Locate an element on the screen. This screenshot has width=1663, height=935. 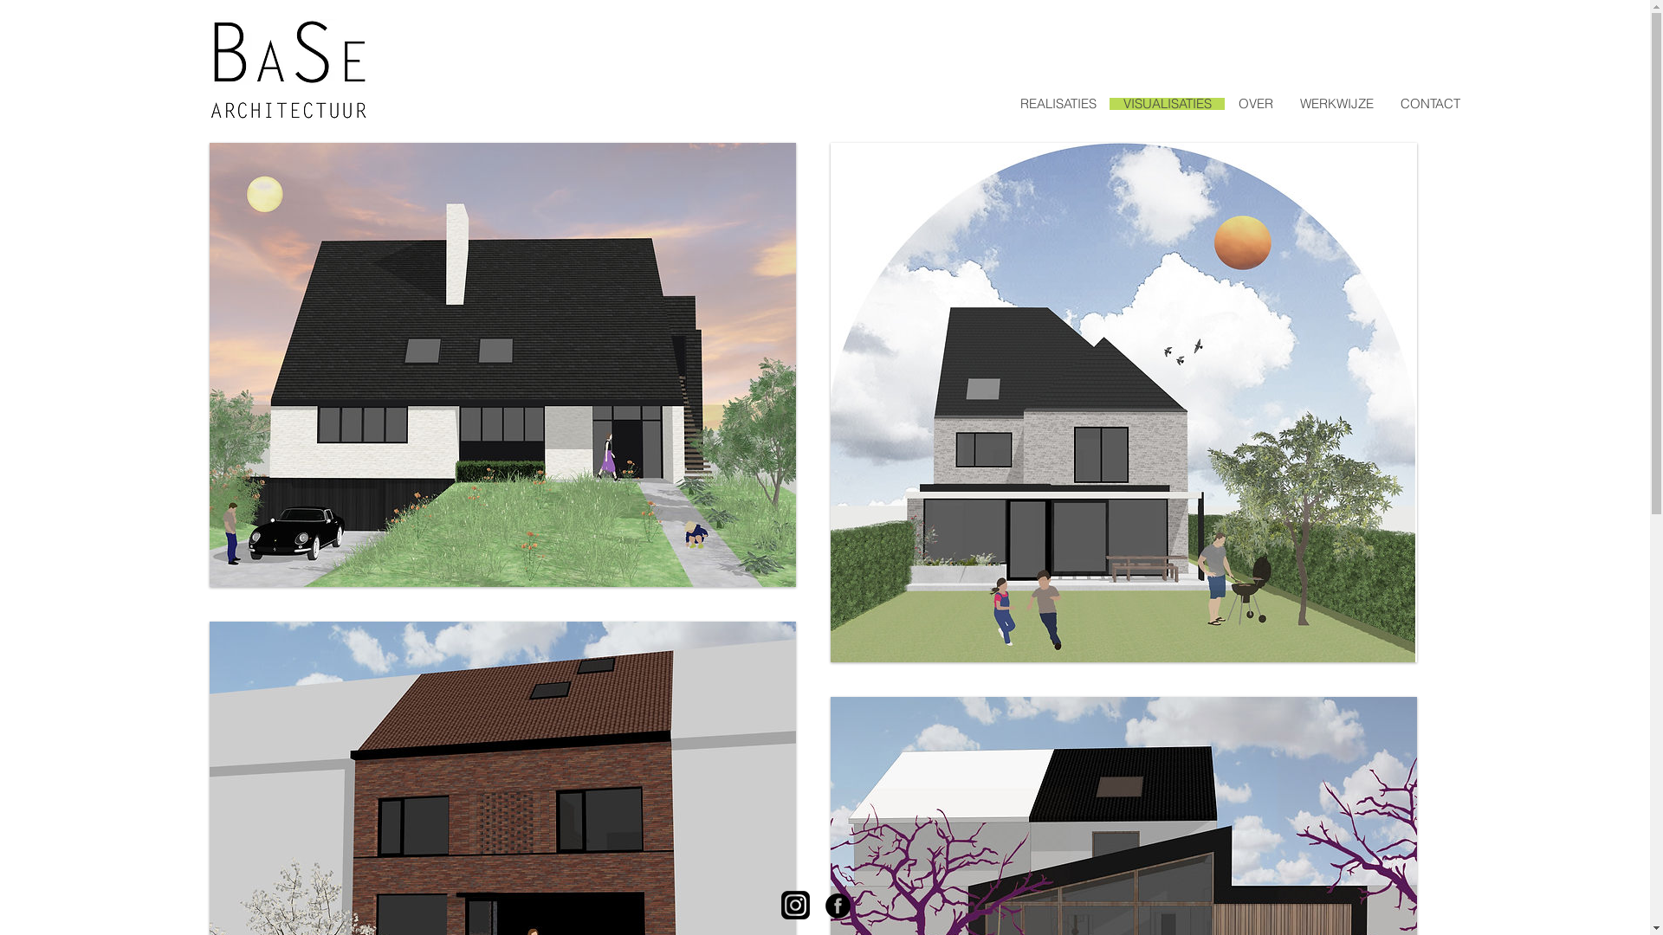
'OVER' is located at coordinates (1255, 103).